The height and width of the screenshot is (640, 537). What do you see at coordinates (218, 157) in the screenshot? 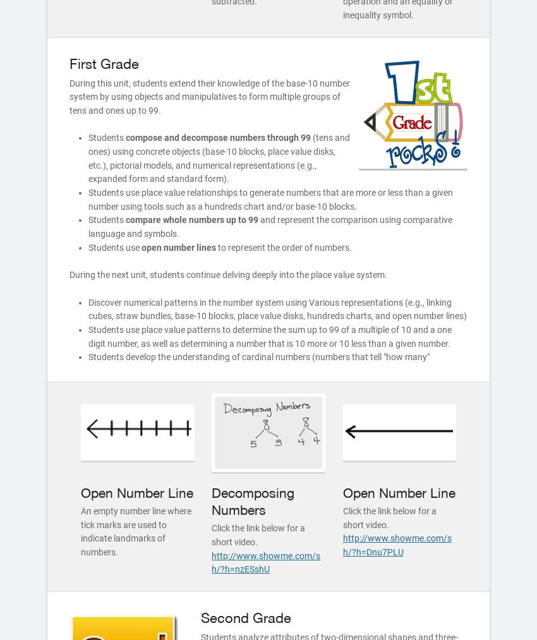
I see `'(tens and ones) using concrete objects (base-10 blocks, place value disks, etc.), pictorial models, and numerical representations (e.g., expanded form and standard form).'` at bounding box center [218, 157].